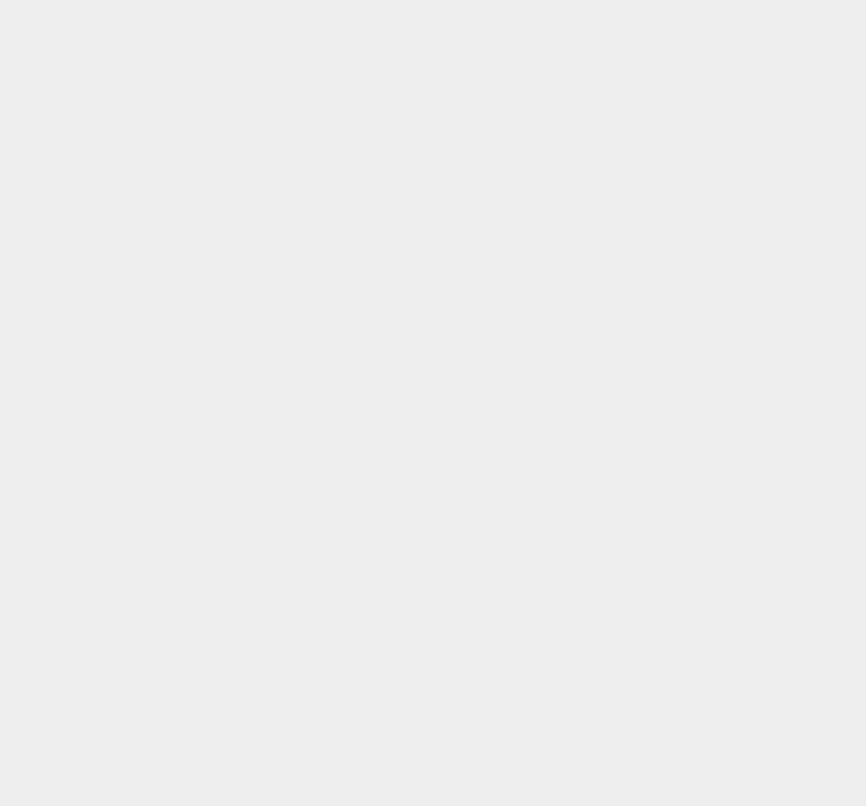 This screenshot has height=806, width=866. I want to click on 'Earn Money', so click(639, 47).